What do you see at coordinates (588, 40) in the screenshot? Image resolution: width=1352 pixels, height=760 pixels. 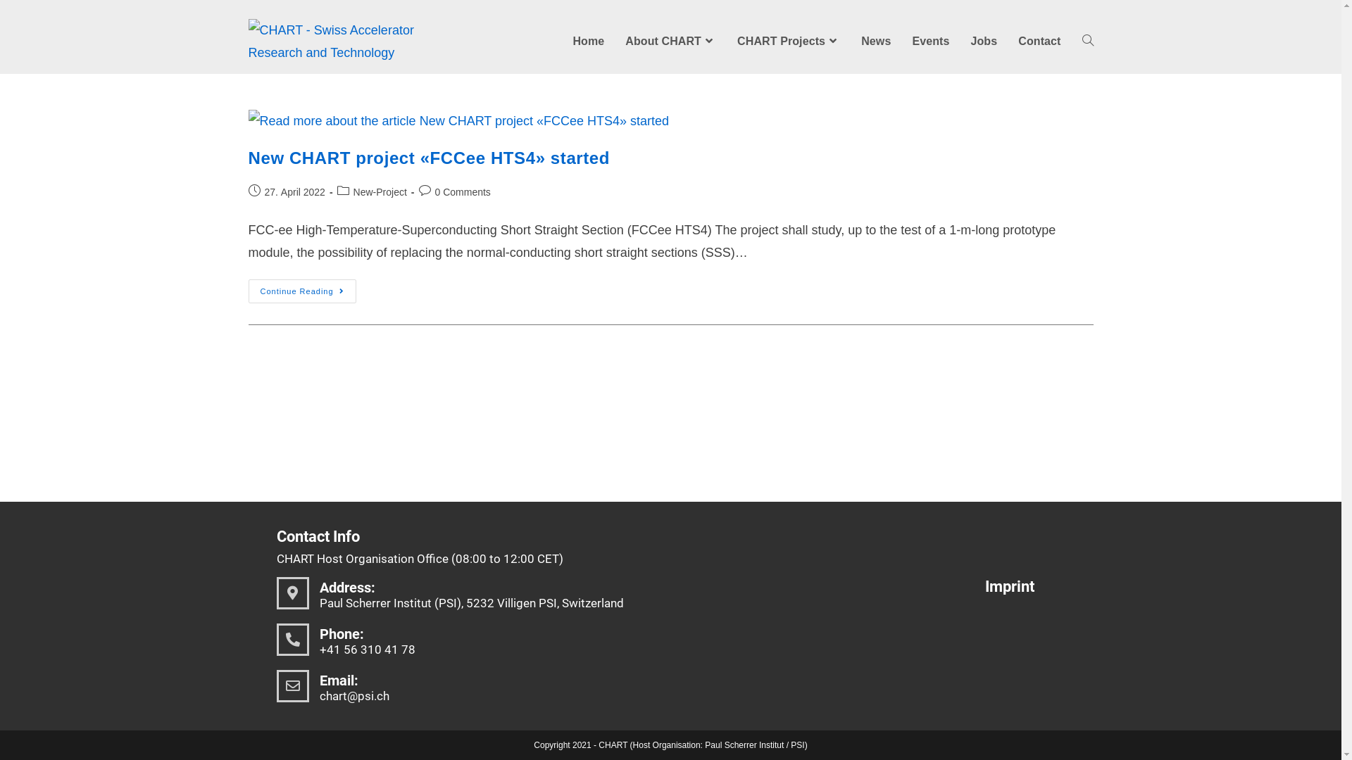 I see `'Home'` at bounding box center [588, 40].